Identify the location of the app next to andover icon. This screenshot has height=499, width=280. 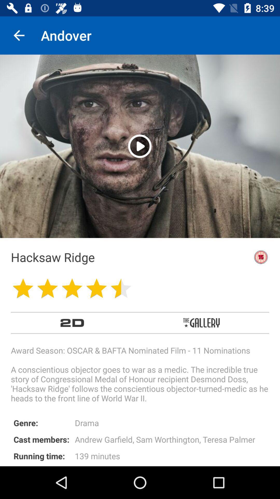
(19, 35).